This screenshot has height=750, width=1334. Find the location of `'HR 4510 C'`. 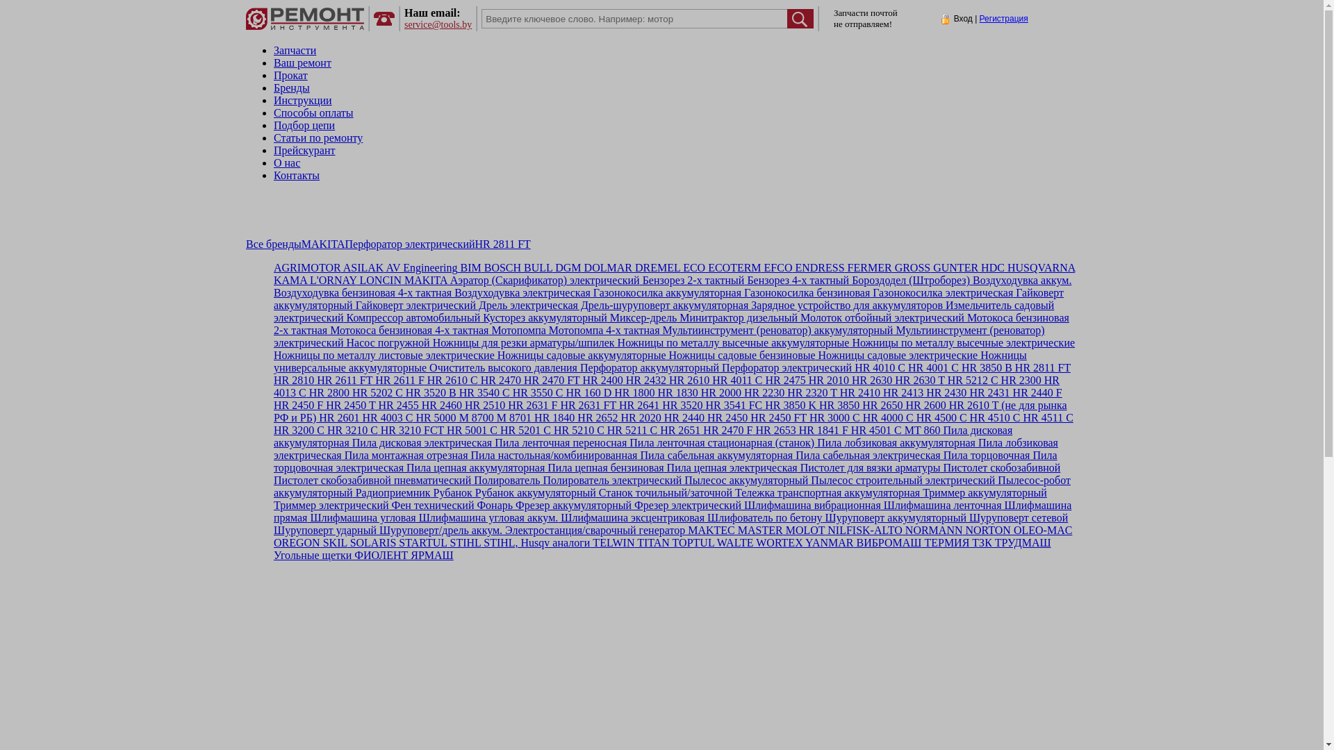

'HR 4510 C' is located at coordinates (993, 417).